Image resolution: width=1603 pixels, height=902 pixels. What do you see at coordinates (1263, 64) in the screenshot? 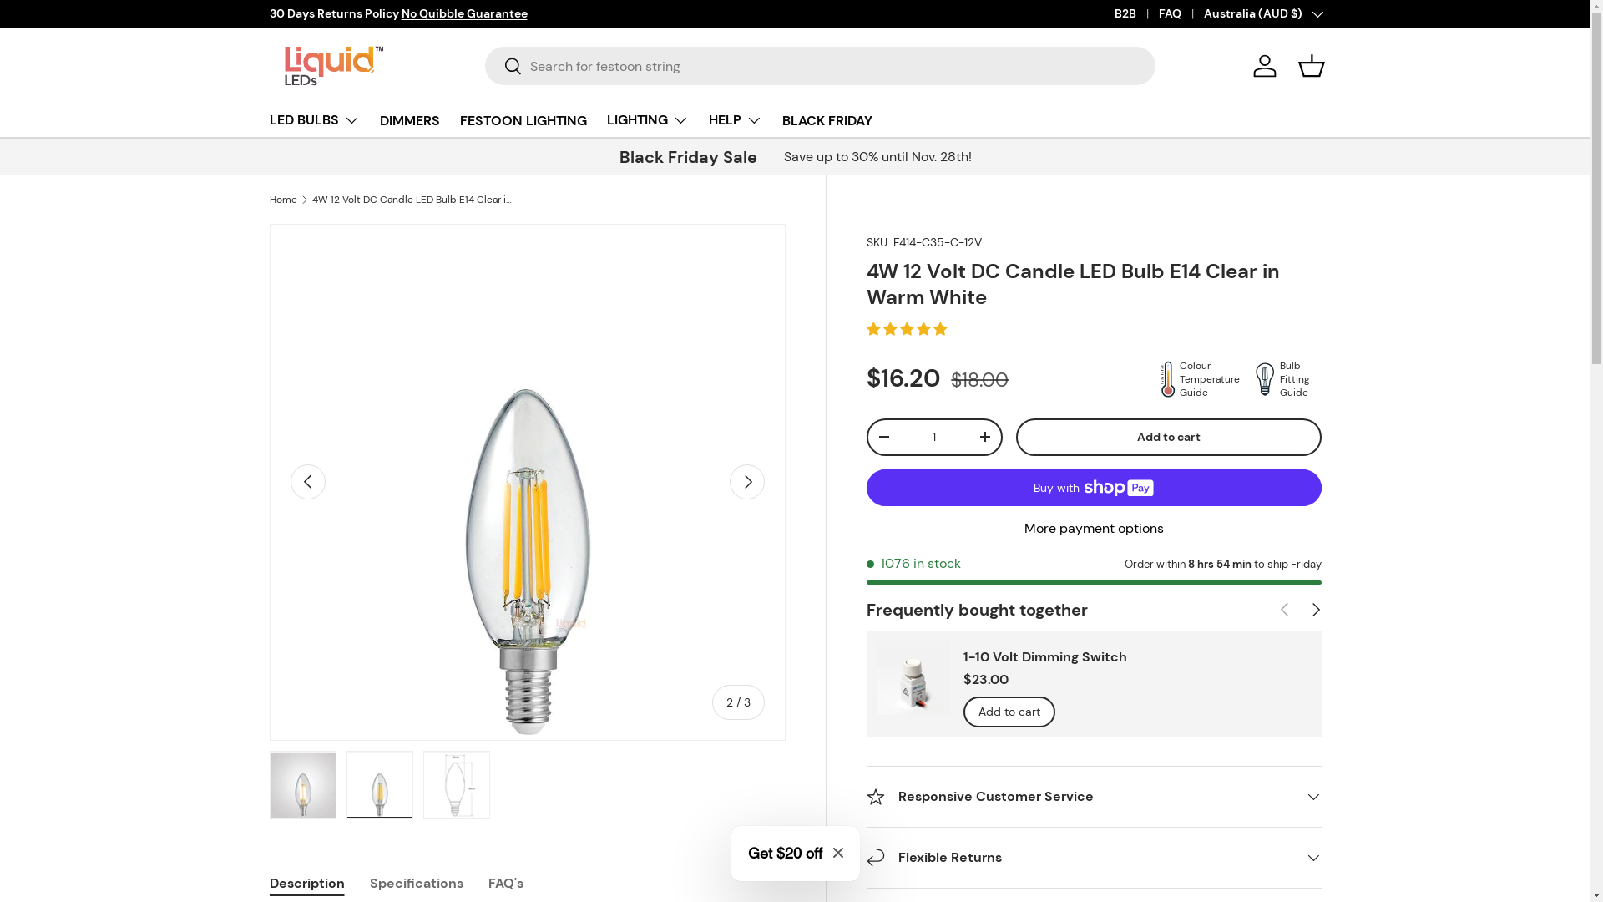
I see `'Log in'` at bounding box center [1263, 64].